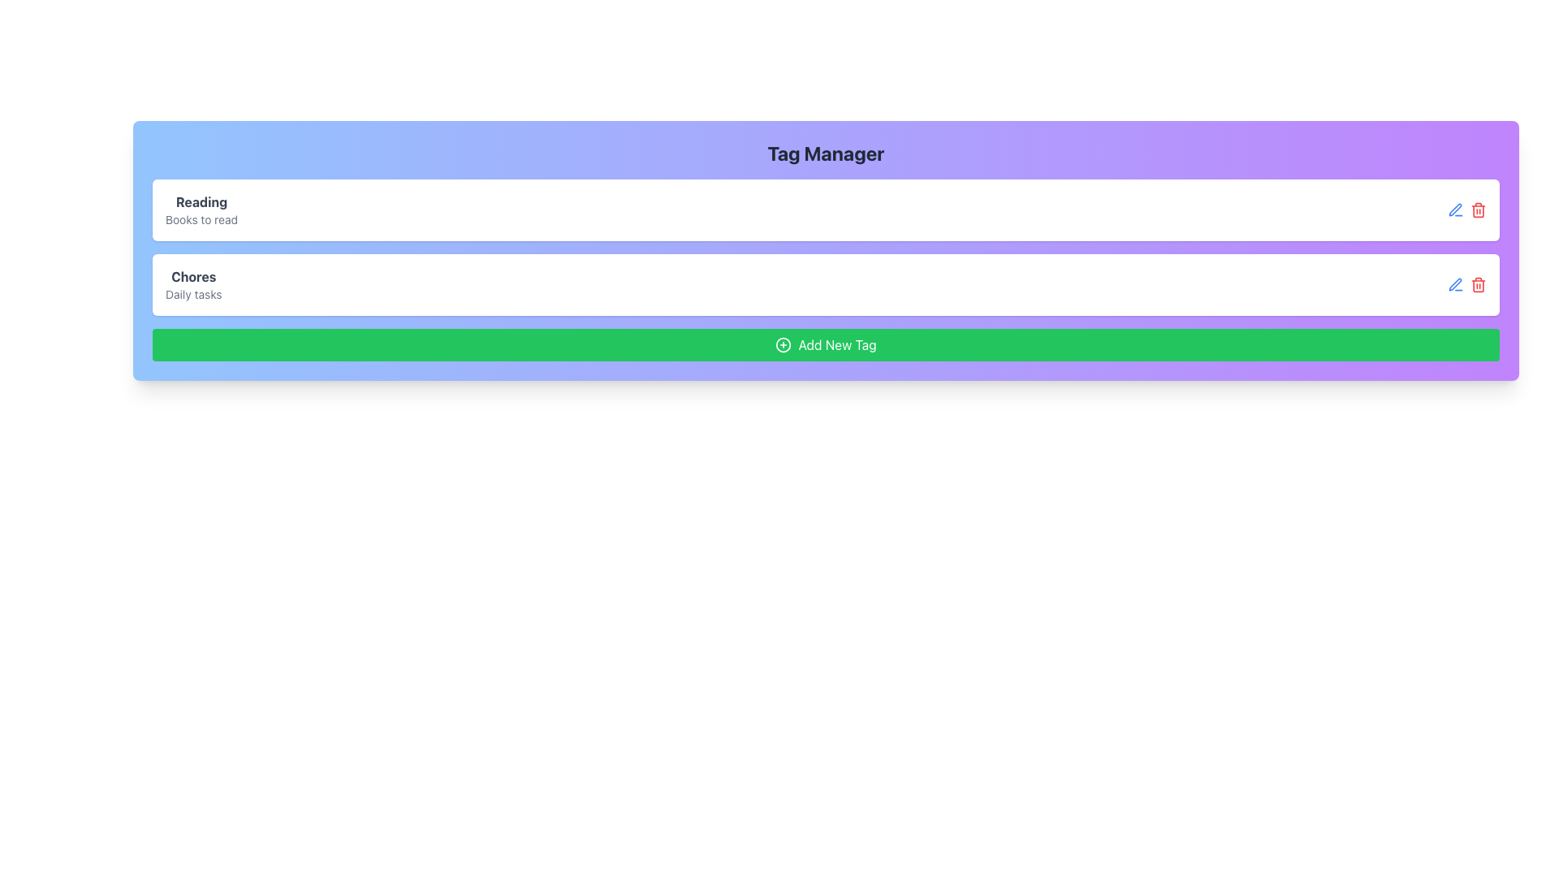 This screenshot has width=1559, height=877. What do you see at coordinates (1478, 210) in the screenshot?
I see `the red delete action icon, which resembles a trash bin, located on the right side of a row within a list item` at bounding box center [1478, 210].